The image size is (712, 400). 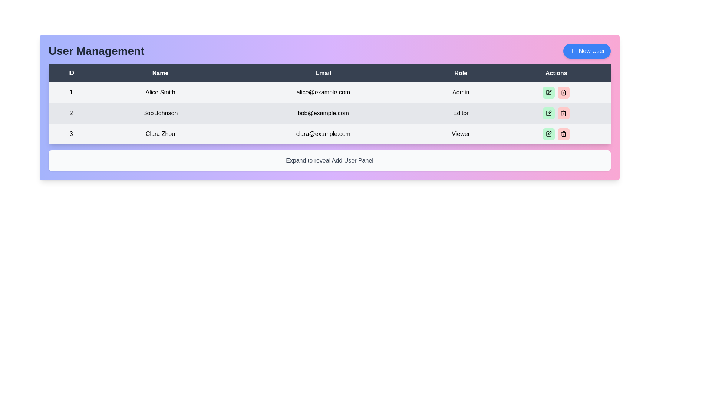 What do you see at coordinates (460, 134) in the screenshot?
I see `the 'Viewer' text label in the table under the 'Role' column for user 'Clara Zhou' with email 'clara@example.com'` at bounding box center [460, 134].